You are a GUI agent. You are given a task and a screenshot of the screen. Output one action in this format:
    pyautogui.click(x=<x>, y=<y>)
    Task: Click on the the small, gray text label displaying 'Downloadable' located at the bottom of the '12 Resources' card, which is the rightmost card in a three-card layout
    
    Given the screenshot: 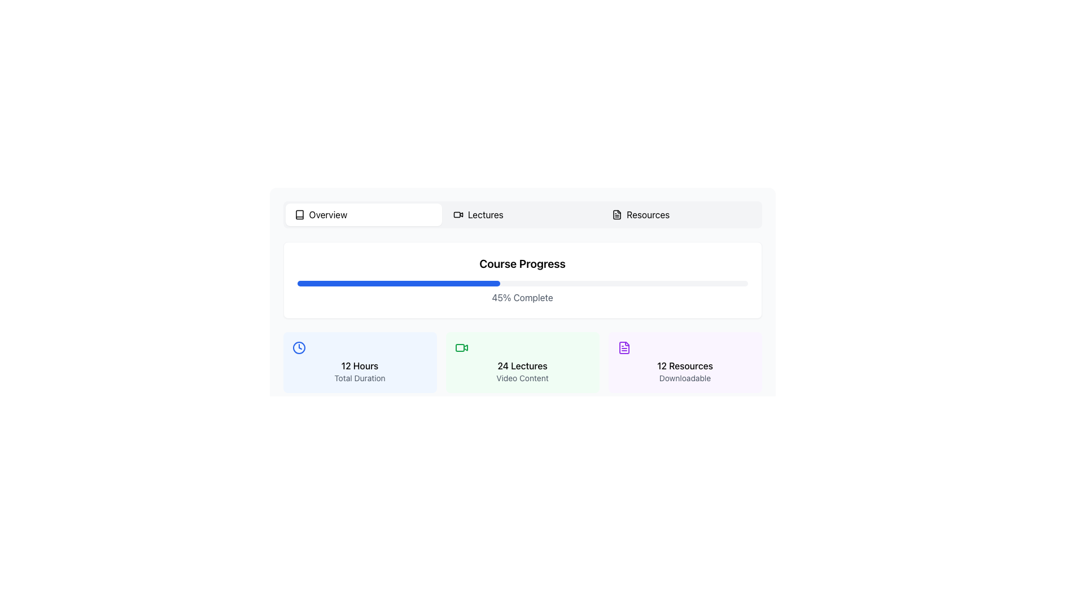 What is the action you would take?
    pyautogui.click(x=684, y=378)
    